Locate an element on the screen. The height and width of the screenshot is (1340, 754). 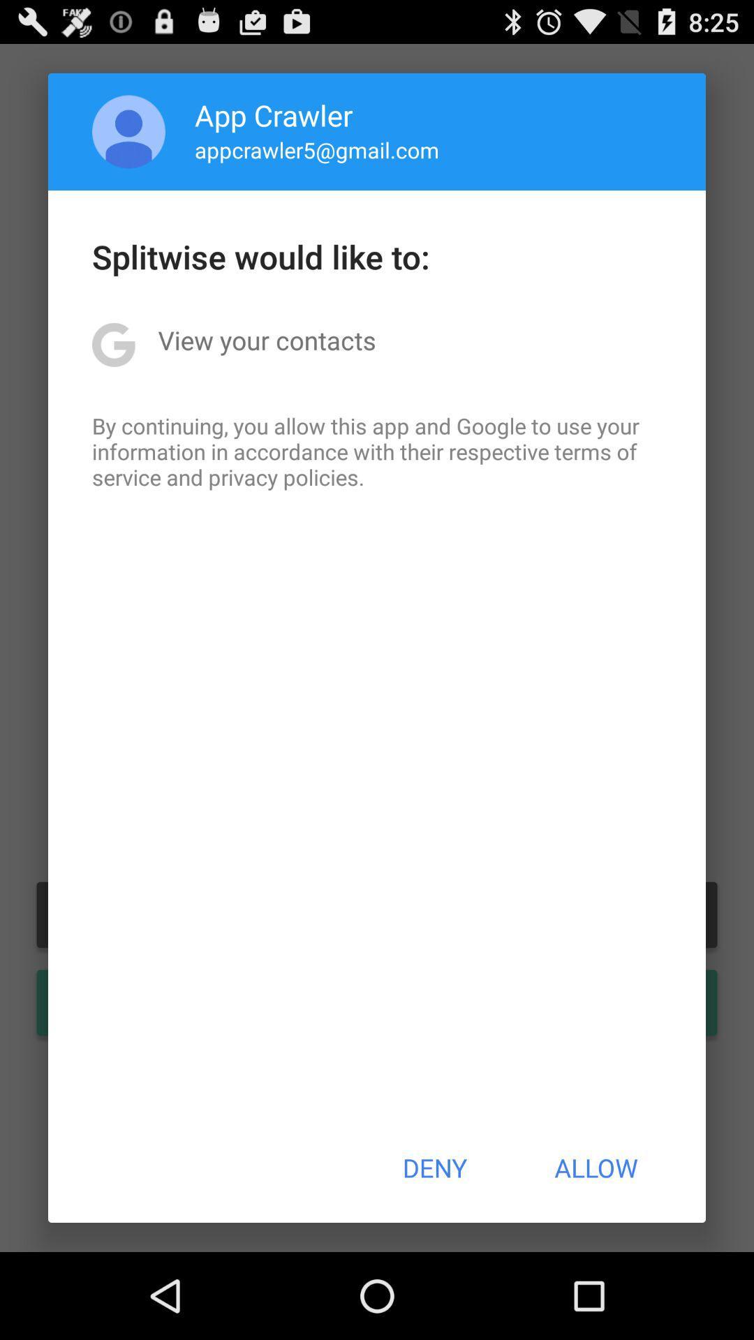
app crawler item is located at coordinates (274, 114).